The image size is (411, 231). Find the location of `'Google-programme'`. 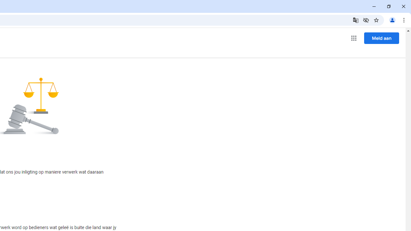

'Google-programme' is located at coordinates (354, 38).